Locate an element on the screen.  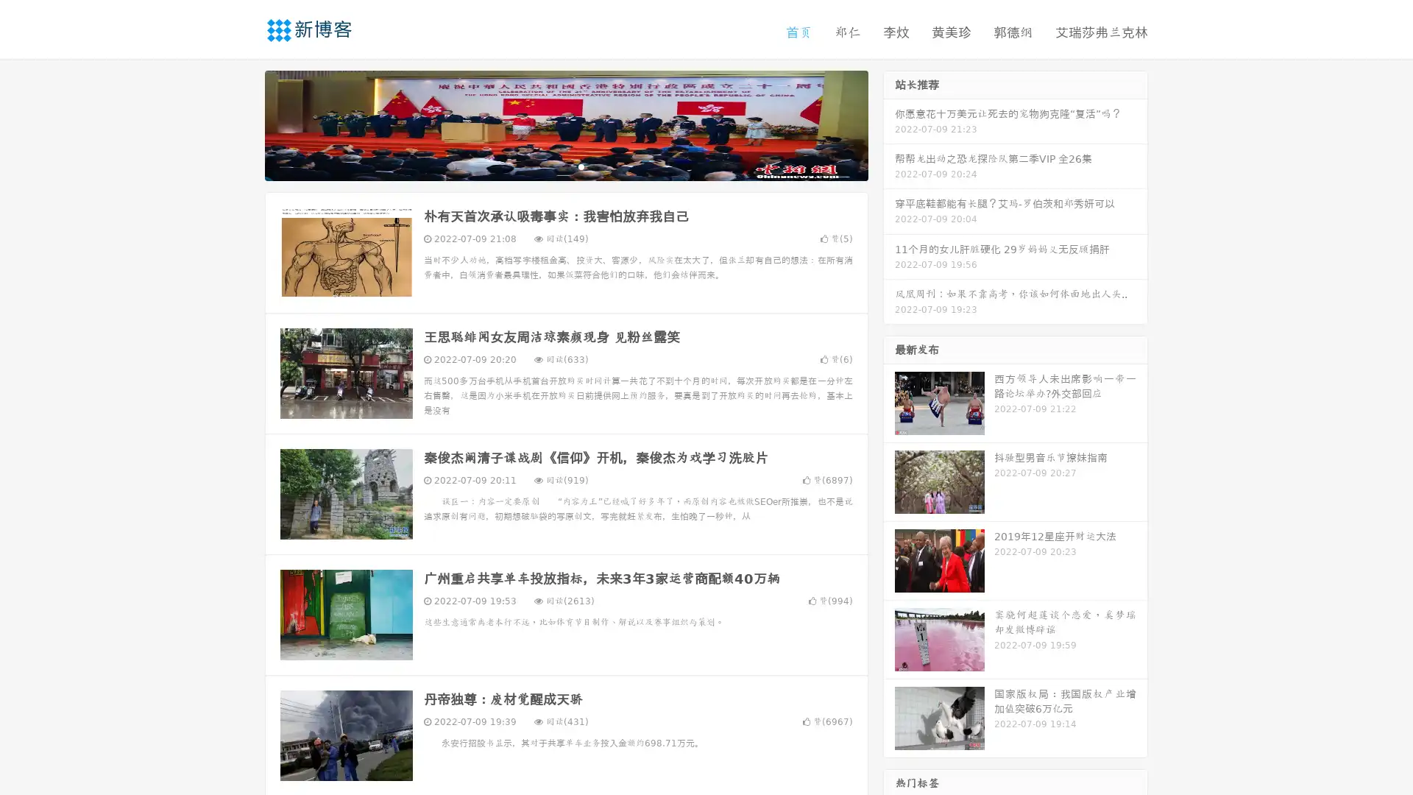
Go to slide 3 is located at coordinates (581, 166).